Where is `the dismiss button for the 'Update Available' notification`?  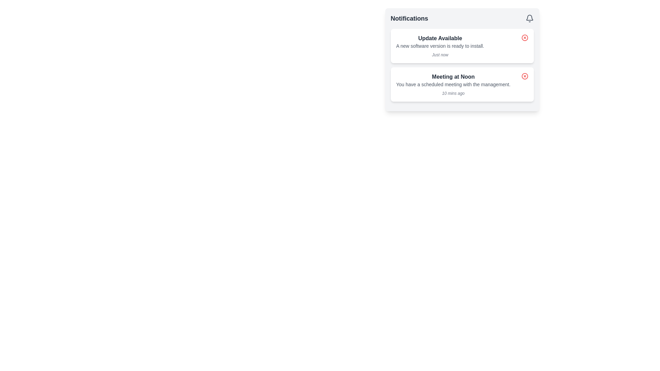 the dismiss button for the 'Update Available' notification is located at coordinates (524, 38).